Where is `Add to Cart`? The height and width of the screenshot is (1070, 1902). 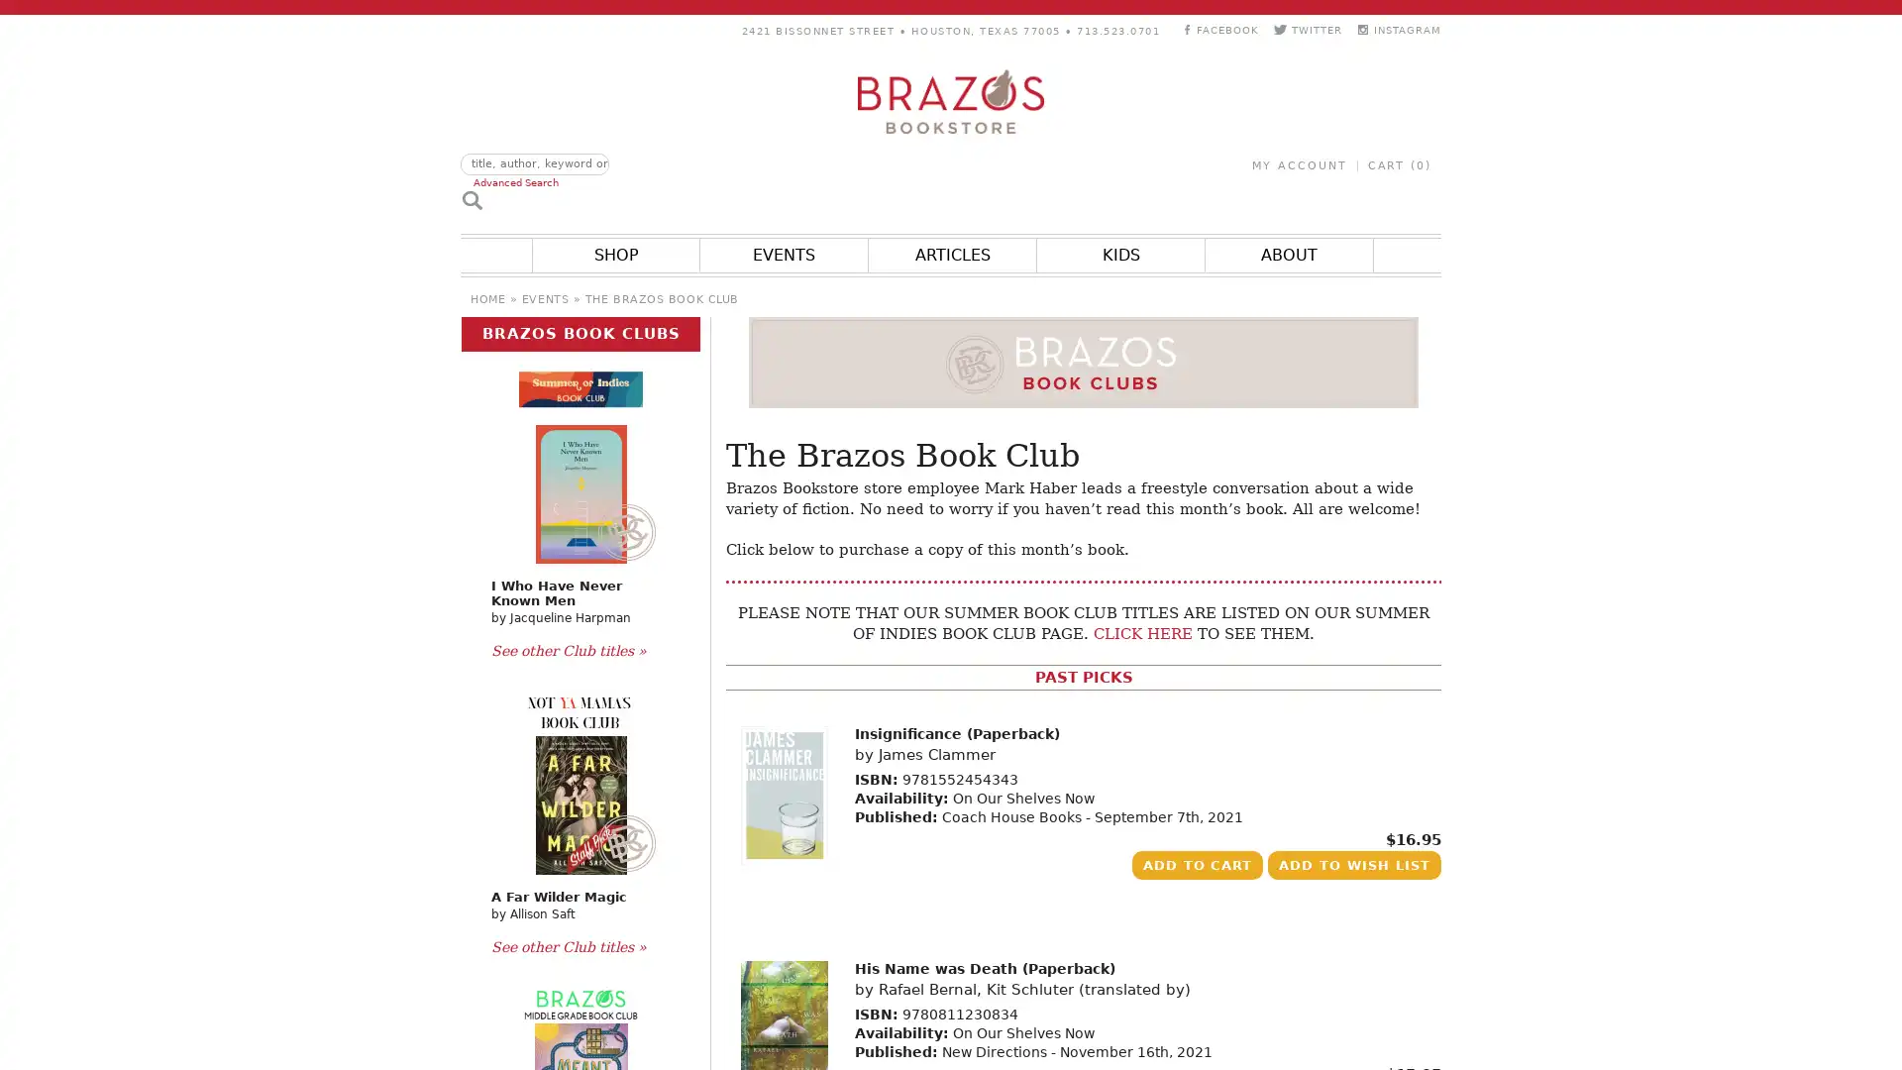
Add to Cart is located at coordinates (1196, 864).